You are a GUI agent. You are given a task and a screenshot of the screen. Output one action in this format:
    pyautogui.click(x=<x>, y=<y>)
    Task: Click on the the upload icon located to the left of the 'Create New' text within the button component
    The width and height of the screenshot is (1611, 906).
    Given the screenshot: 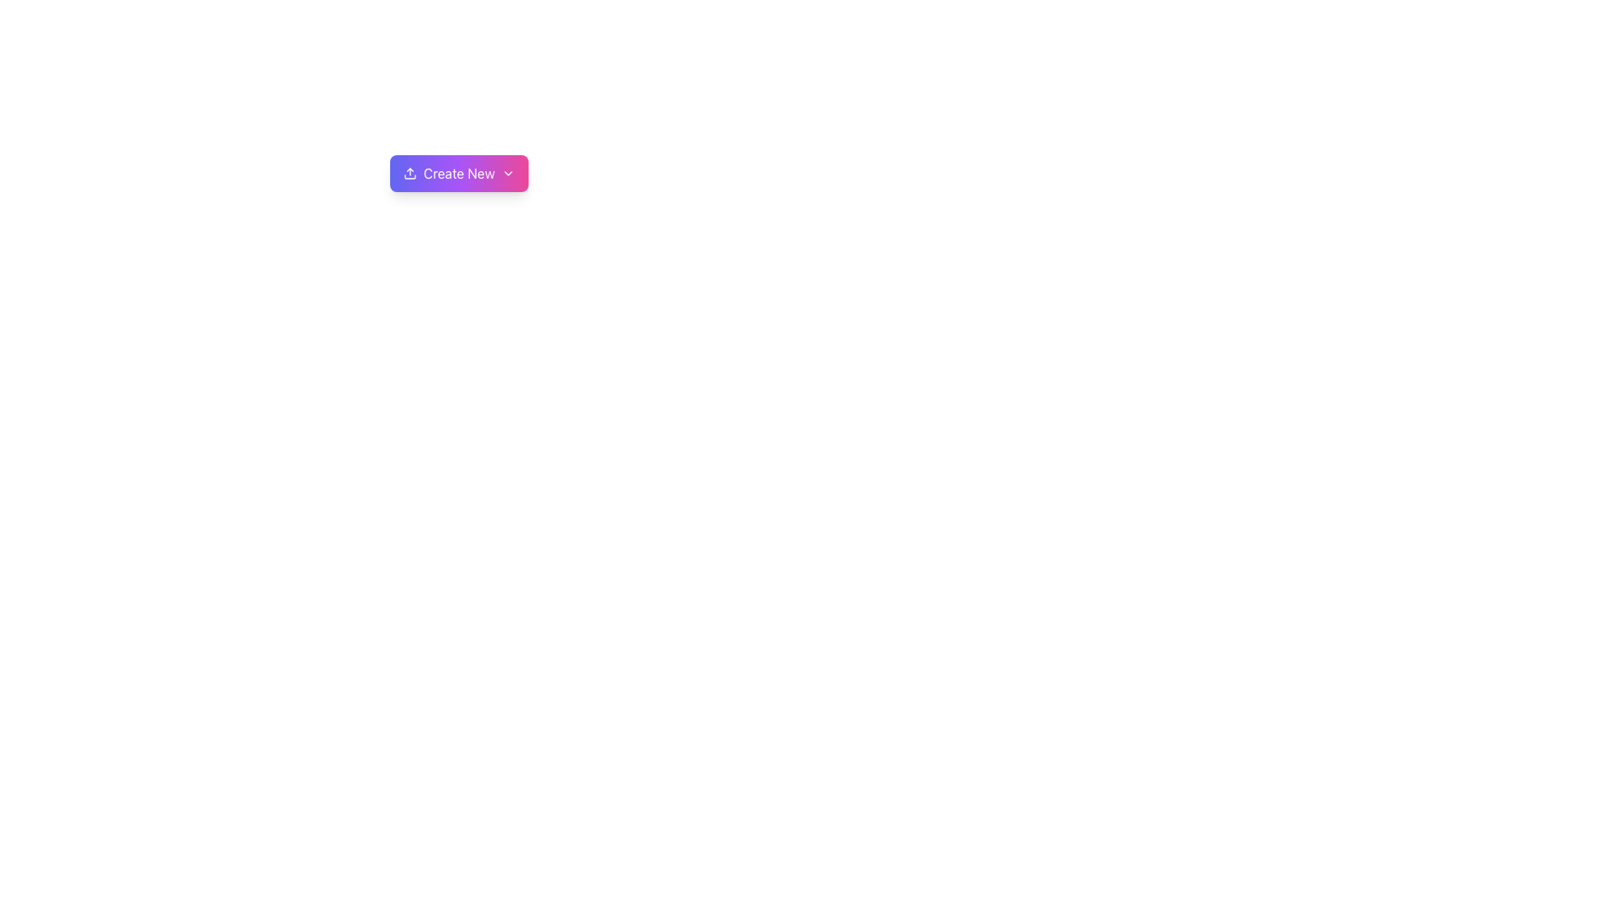 What is the action you would take?
    pyautogui.click(x=410, y=174)
    